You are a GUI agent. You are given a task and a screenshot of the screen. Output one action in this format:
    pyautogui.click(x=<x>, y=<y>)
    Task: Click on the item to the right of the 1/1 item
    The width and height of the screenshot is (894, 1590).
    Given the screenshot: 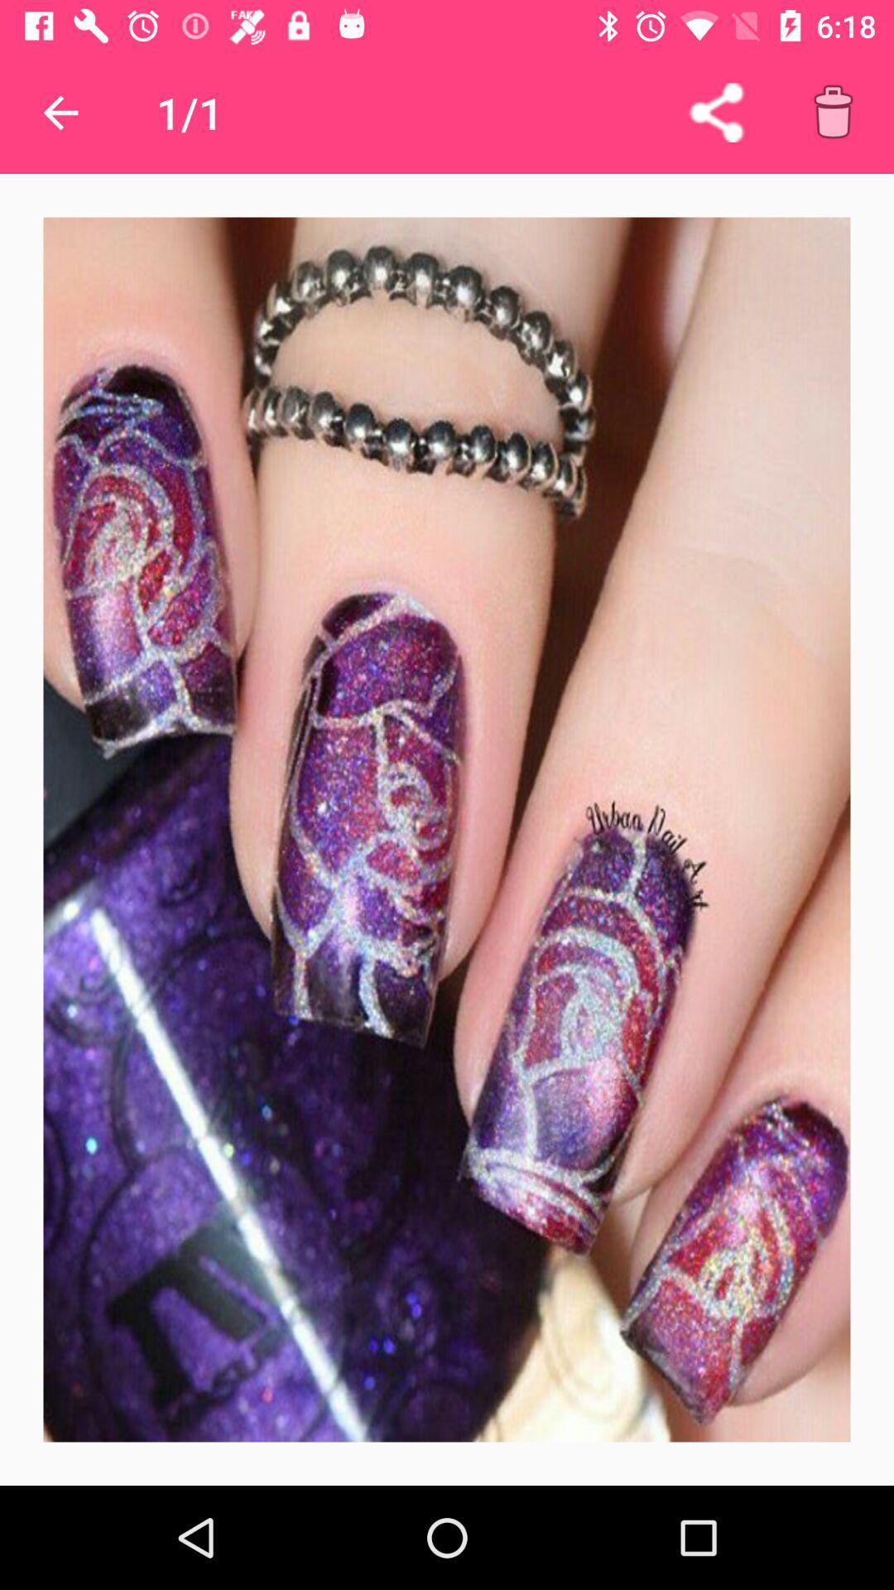 What is the action you would take?
    pyautogui.click(x=715, y=112)
    